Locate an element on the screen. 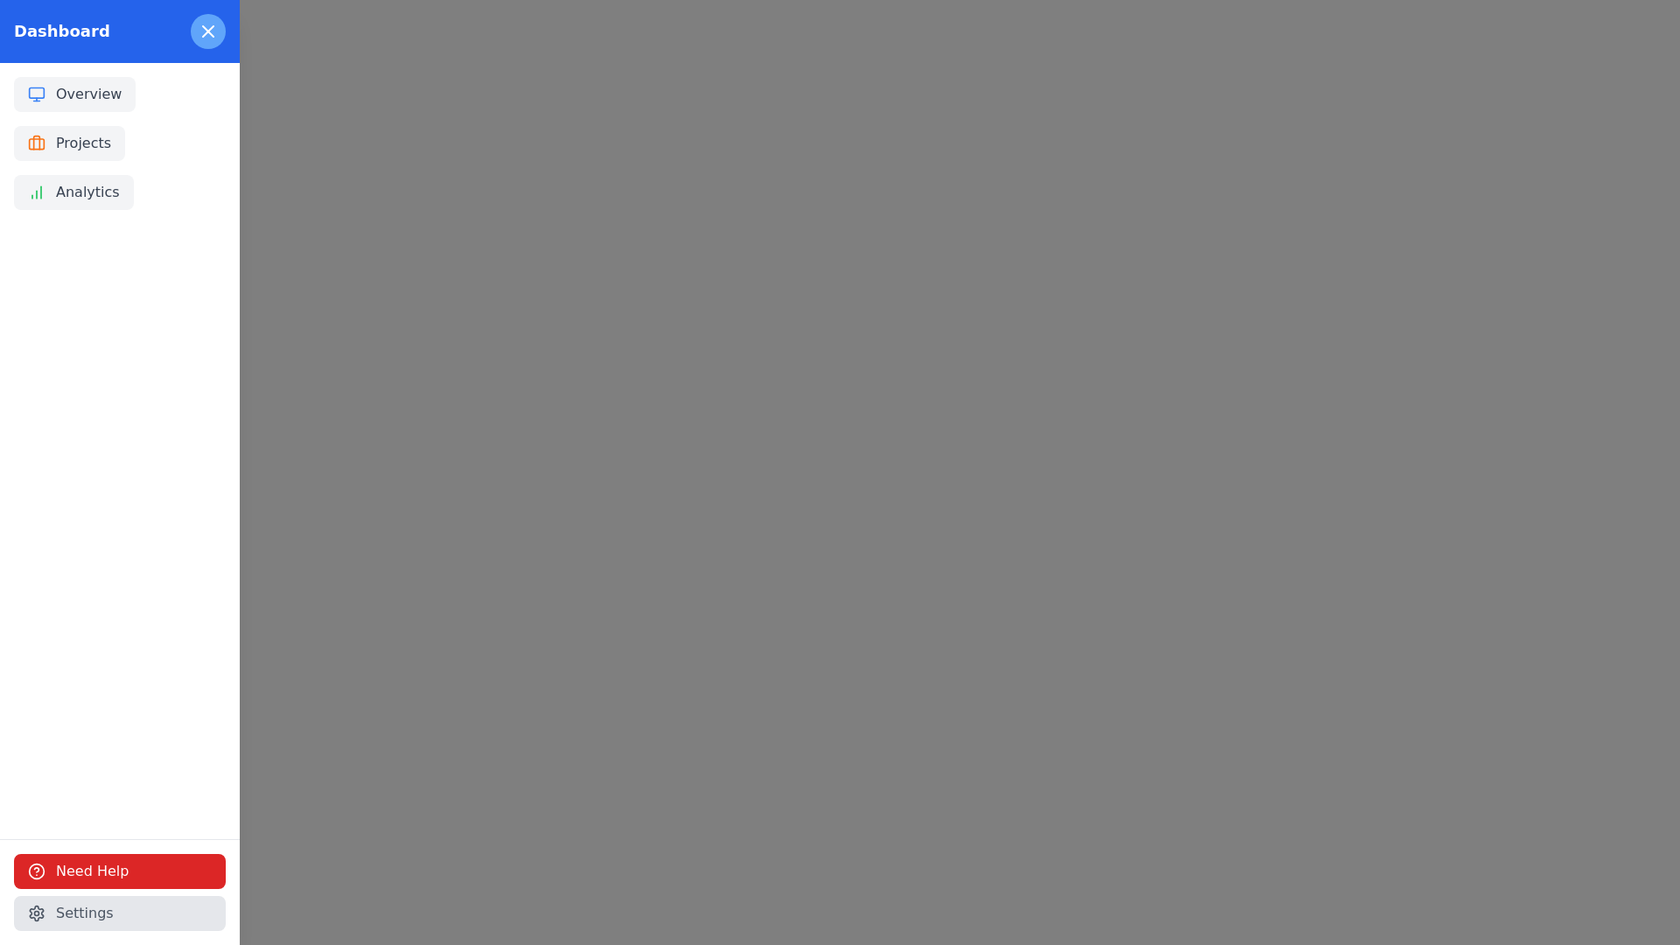  the blue outlined monitor icon located to the left of the 'Overview' menu item in the top sidebar is located at coordinates (37, 94).